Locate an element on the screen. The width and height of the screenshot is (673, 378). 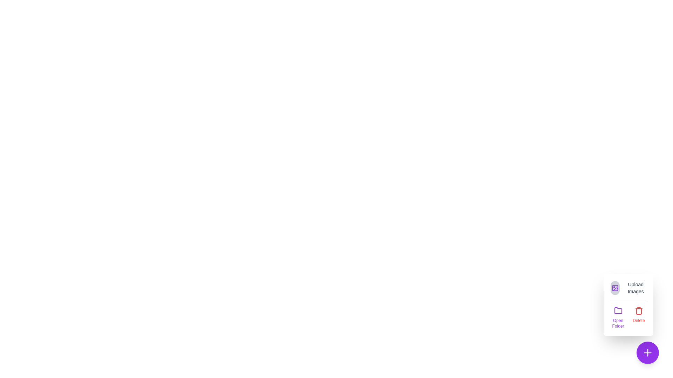
the delete icon located at the bottom-right corner of the interface, which visually represents the delete action and is part of the 'Delete' button is located at coordinates (639, 310).